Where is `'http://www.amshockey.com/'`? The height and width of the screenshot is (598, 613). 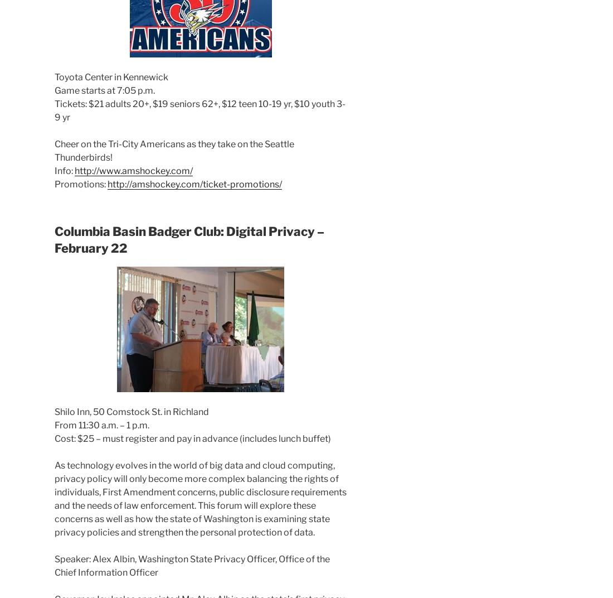
'http://www.amshockey.com/' is located at coordinates (74, 170).